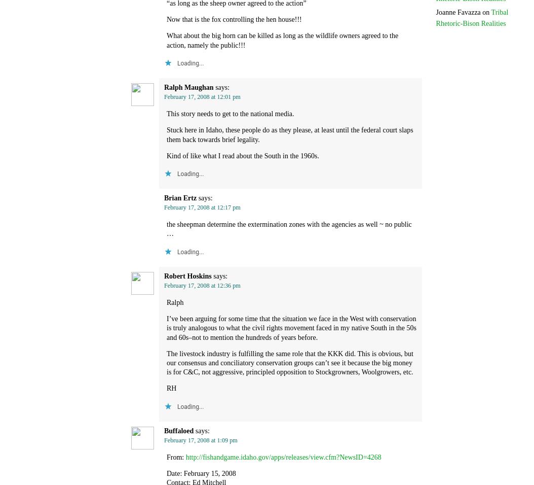  Describe the element at coordinates (242, 155) in the screenshot. I see `'Kind of like what I read about the South in the 1960s.'` at that location.